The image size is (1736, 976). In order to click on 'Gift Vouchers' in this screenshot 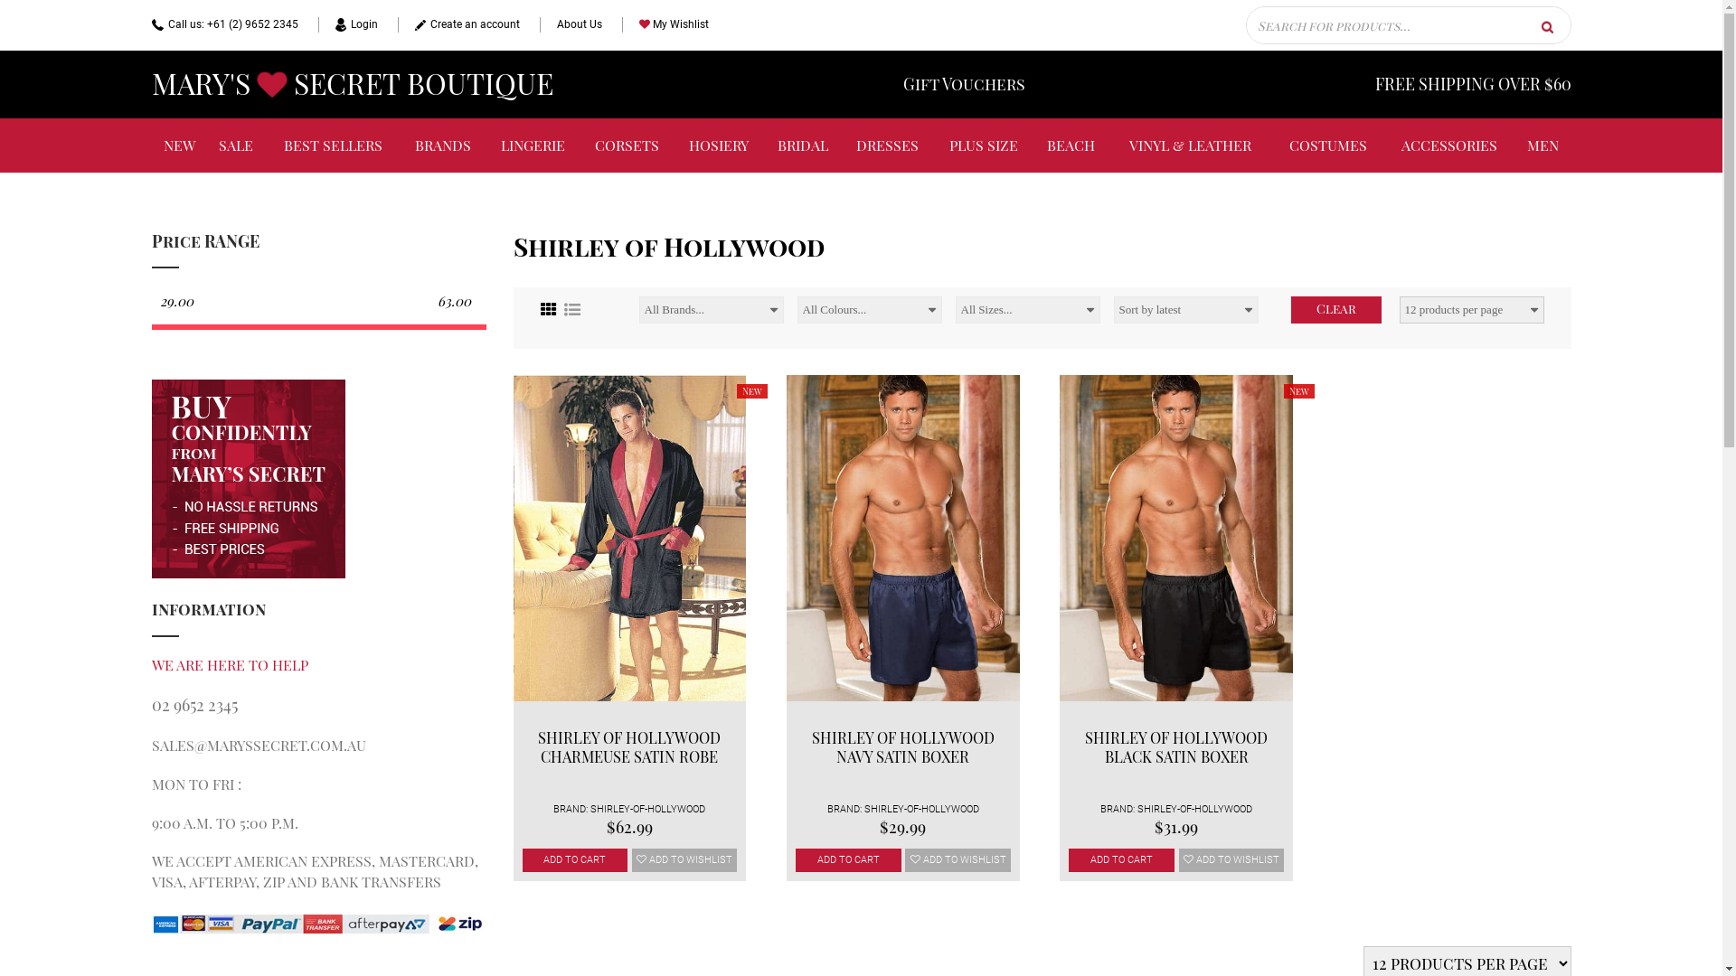, I will do `click(962, 84)`.